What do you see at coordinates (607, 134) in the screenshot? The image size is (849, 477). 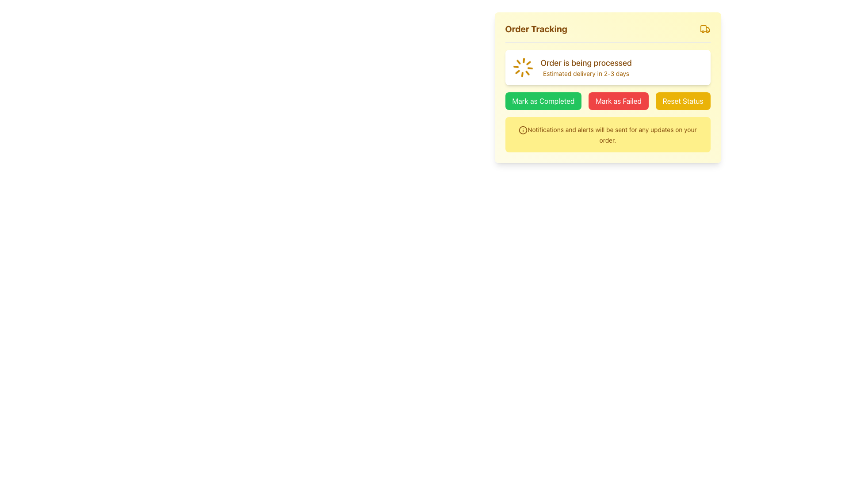 I see `the Information Box, which is a notification box with a yellow background and text stating 'Notifications and alerts will be sent for any updates on your order.'` at bounding box center [607, 134].